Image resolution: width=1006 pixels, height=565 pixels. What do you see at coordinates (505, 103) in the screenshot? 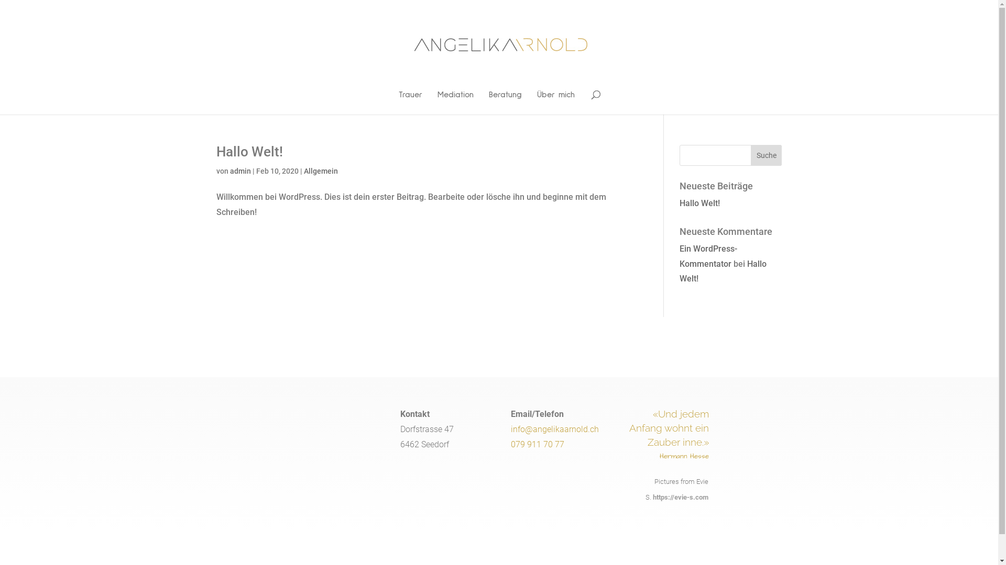
I see `'Beratung'` at bounding box center [505, 103].